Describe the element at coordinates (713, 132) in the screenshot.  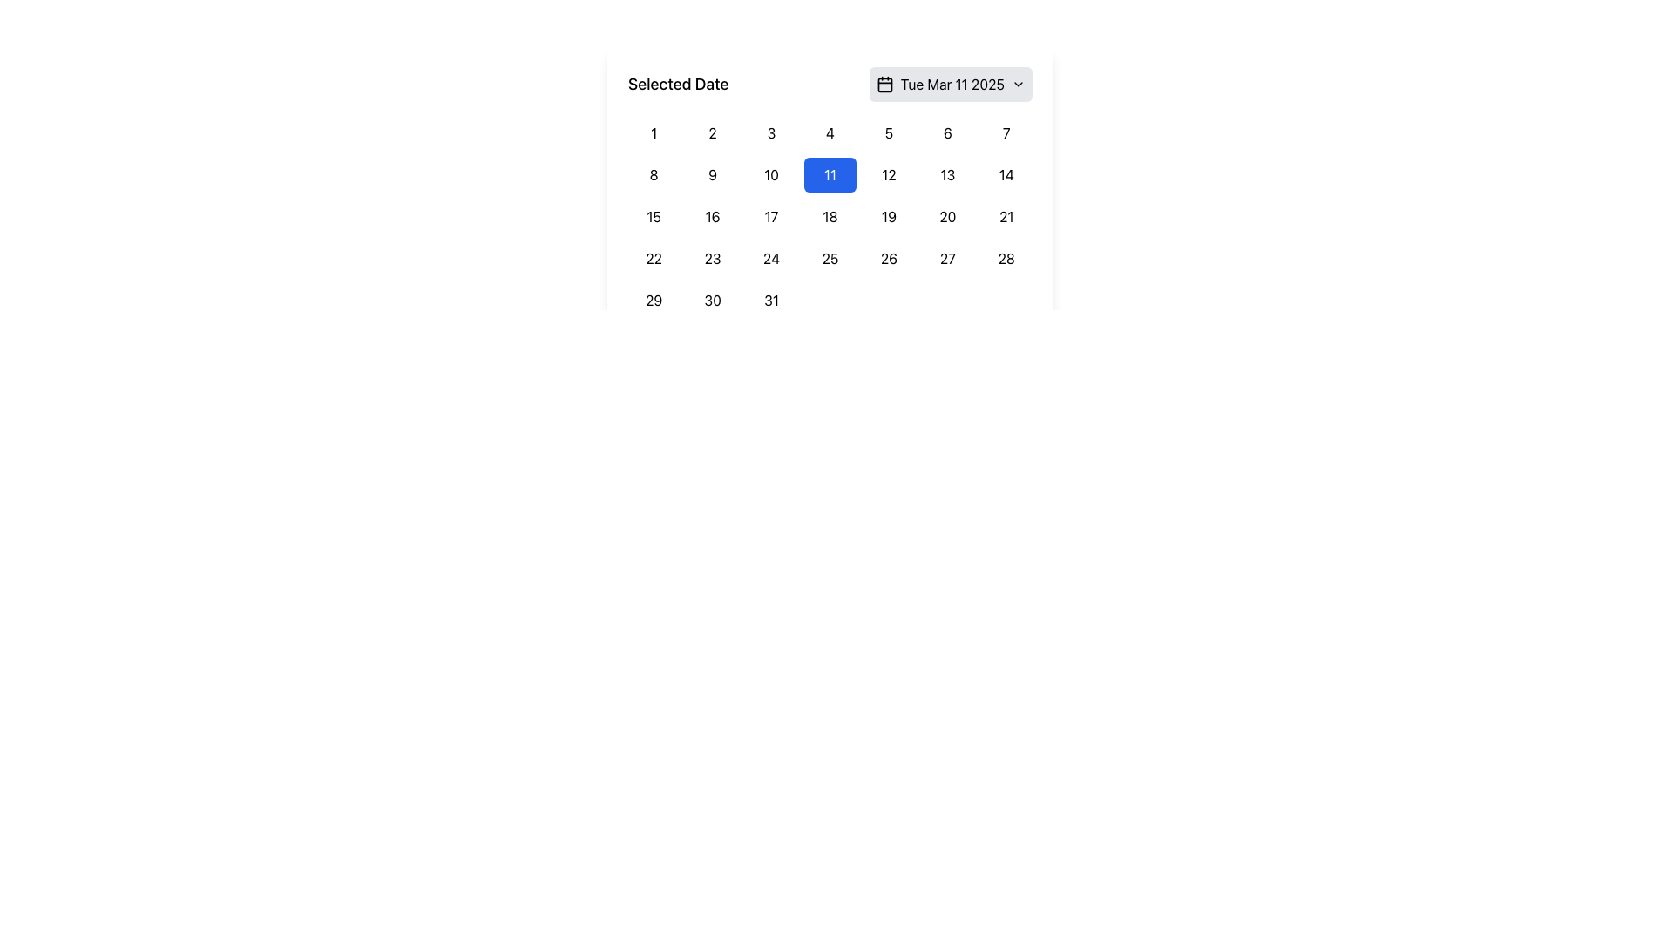
I see `the button representing day '2' in the calendar view` at that location.